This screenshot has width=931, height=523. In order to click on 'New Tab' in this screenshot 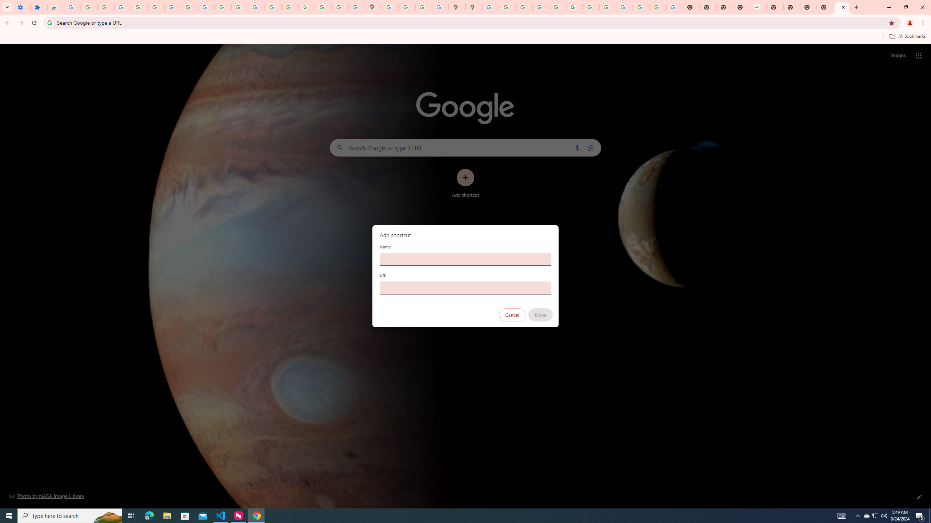, I will do `click(842, 7)`.